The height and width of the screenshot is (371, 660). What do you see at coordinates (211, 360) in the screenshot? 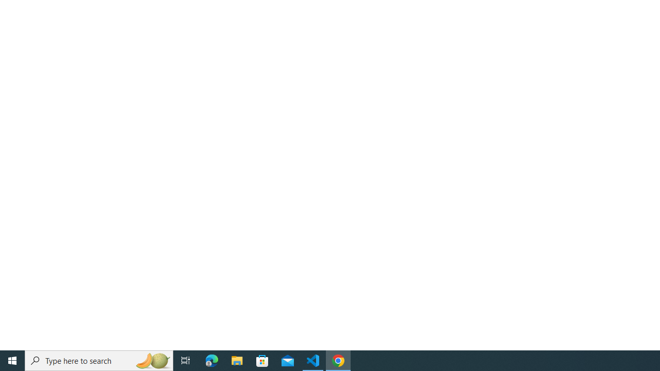
I see `'Microsoft Edge'` at bounding box center [211, 360].